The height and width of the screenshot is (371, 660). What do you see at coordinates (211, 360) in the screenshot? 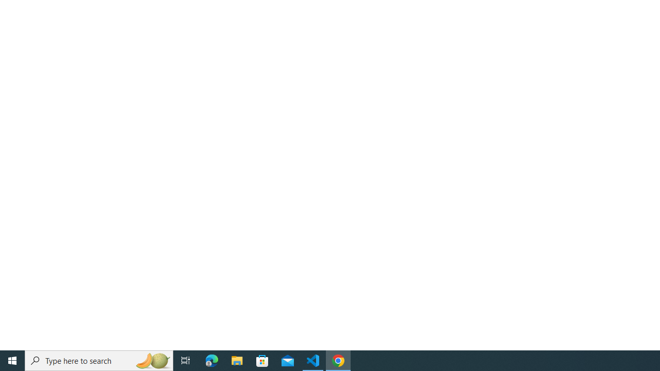
I see `'Microsoft Edge'` at bounding box center [211, 360].